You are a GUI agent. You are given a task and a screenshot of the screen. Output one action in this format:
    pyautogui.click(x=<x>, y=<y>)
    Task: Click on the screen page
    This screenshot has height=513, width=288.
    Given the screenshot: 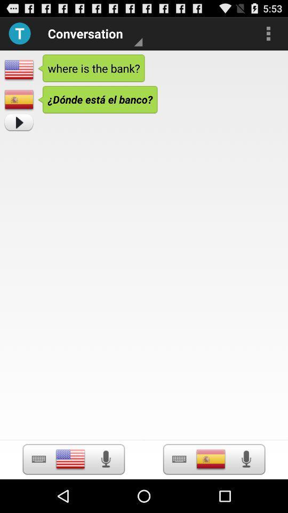 What is the action you would take?
    pyautogui.click(x=211, y=458)
    